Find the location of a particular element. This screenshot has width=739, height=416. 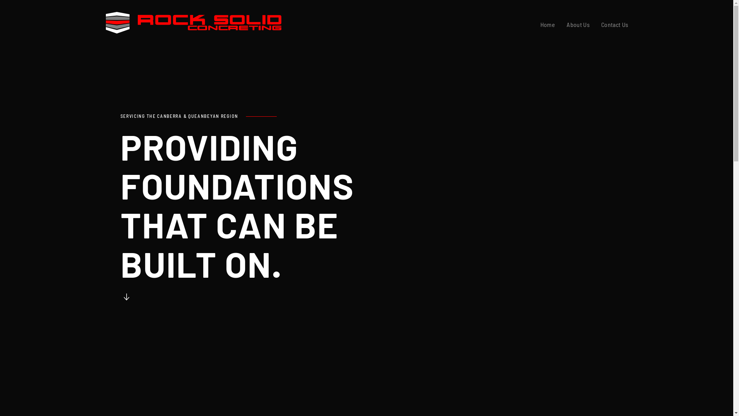

'Home' is located at coordinates (540, 24).